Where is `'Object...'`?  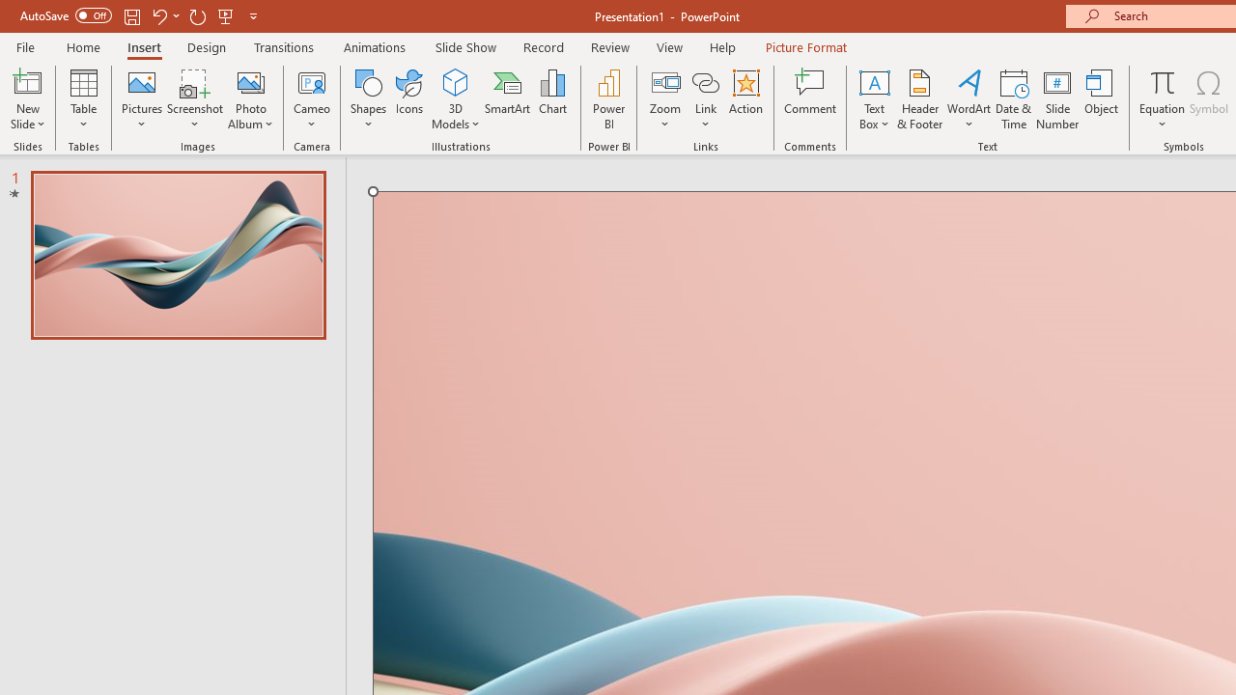
'Object...' is located at coordinates (1102, 99).